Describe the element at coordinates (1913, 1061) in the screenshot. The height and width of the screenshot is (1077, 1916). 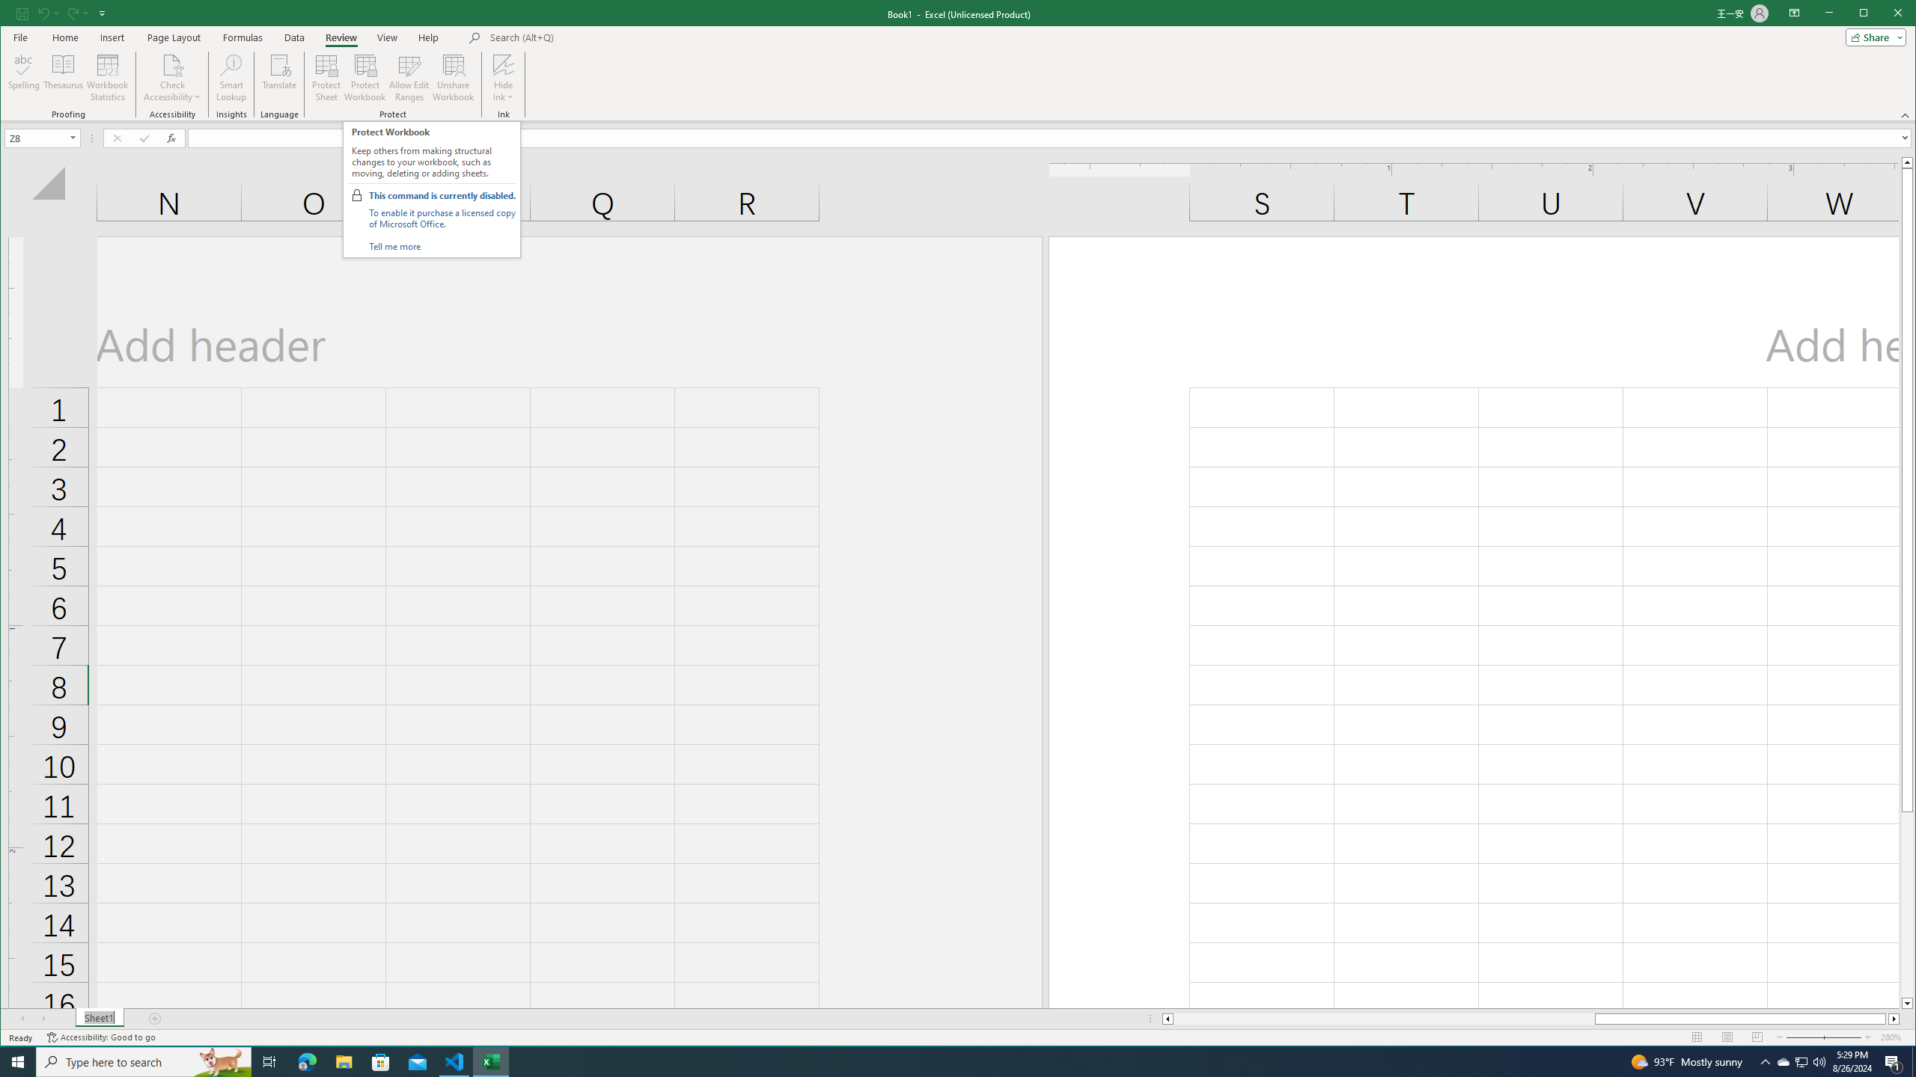
I see `'Show desktop'` at that location.